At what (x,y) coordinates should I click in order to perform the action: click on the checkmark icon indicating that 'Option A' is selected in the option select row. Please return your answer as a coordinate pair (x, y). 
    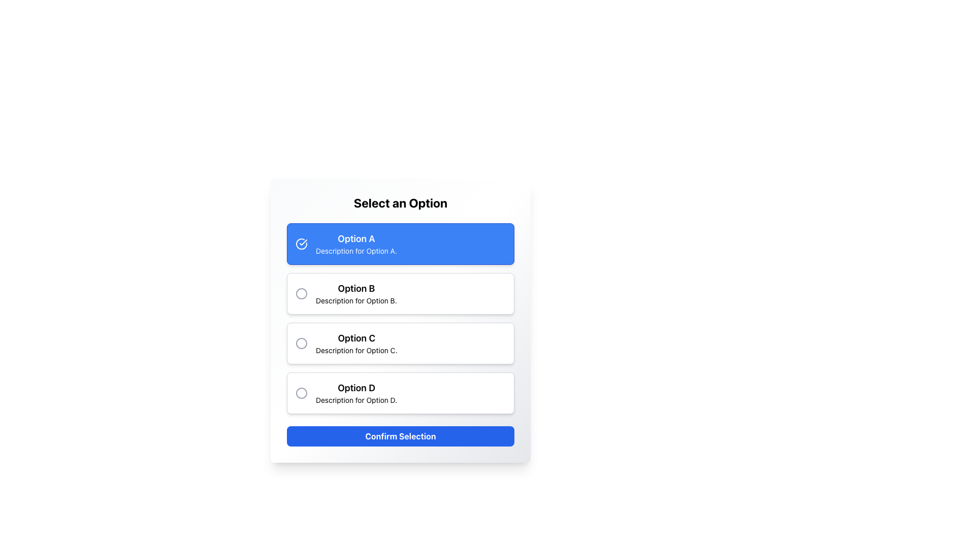
    Looking at the image, I should click on (301, 244).